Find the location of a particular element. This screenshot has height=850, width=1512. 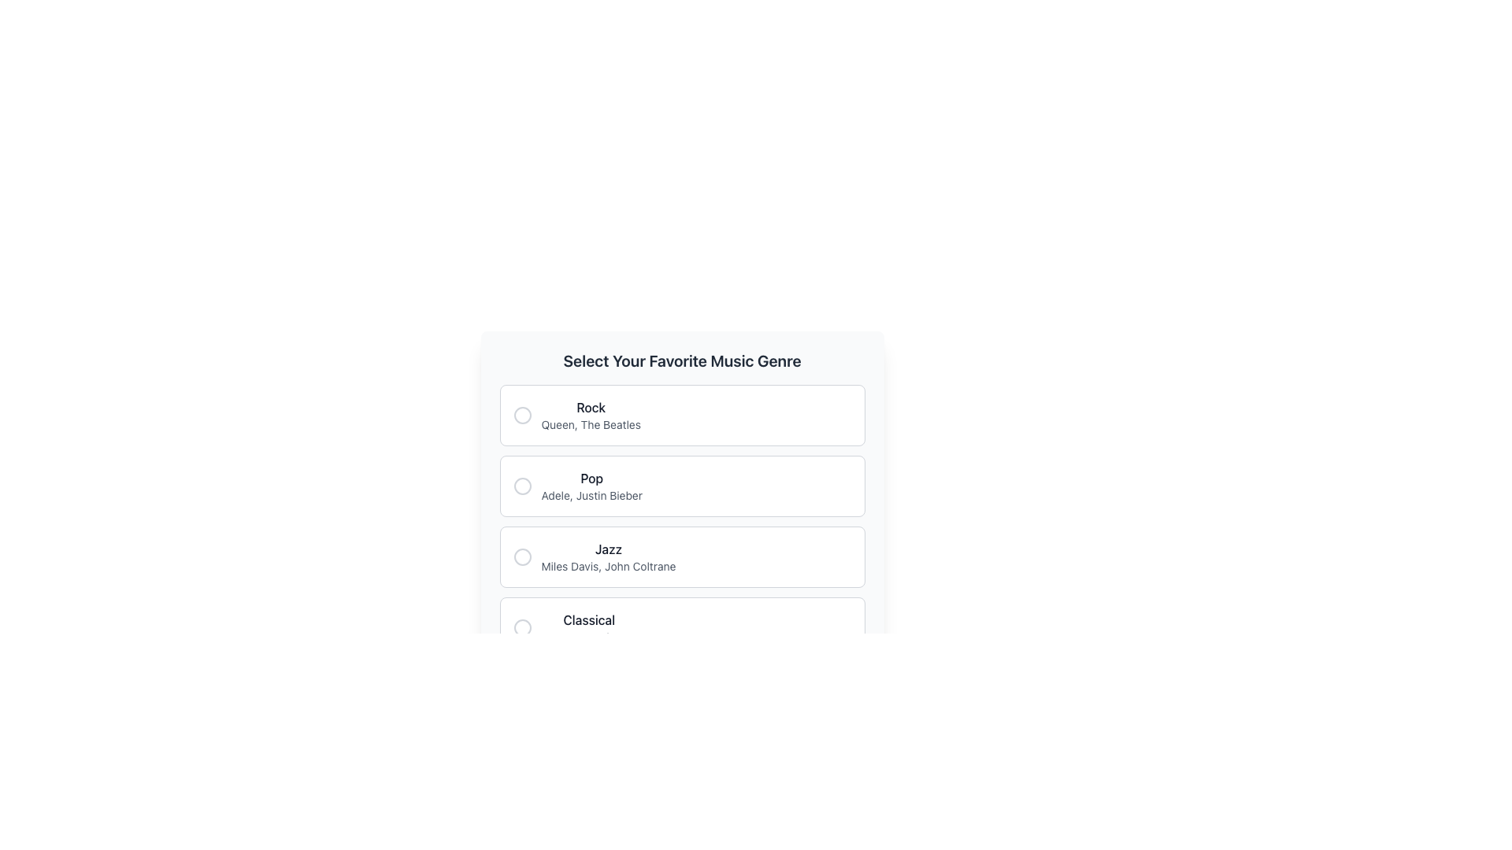

the radio button indicator for the 'Classical' and 'Mozart, Beethoven' option in the 'Select Your Favorite Music Genre' group is located at coordinates (522, 627).